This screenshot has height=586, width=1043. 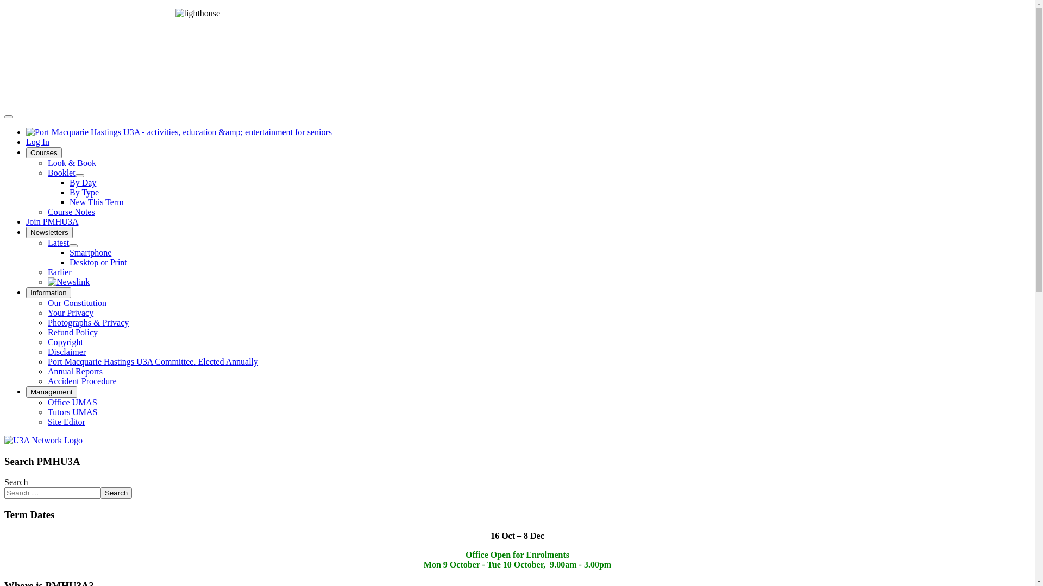 I want to click on 'Log In', so click(x=37, y=141).